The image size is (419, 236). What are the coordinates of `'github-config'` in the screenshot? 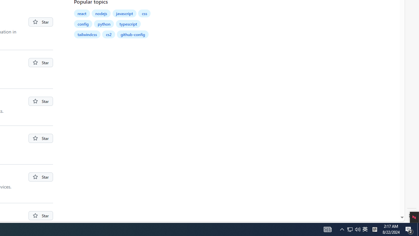 It's located at (132, 34).